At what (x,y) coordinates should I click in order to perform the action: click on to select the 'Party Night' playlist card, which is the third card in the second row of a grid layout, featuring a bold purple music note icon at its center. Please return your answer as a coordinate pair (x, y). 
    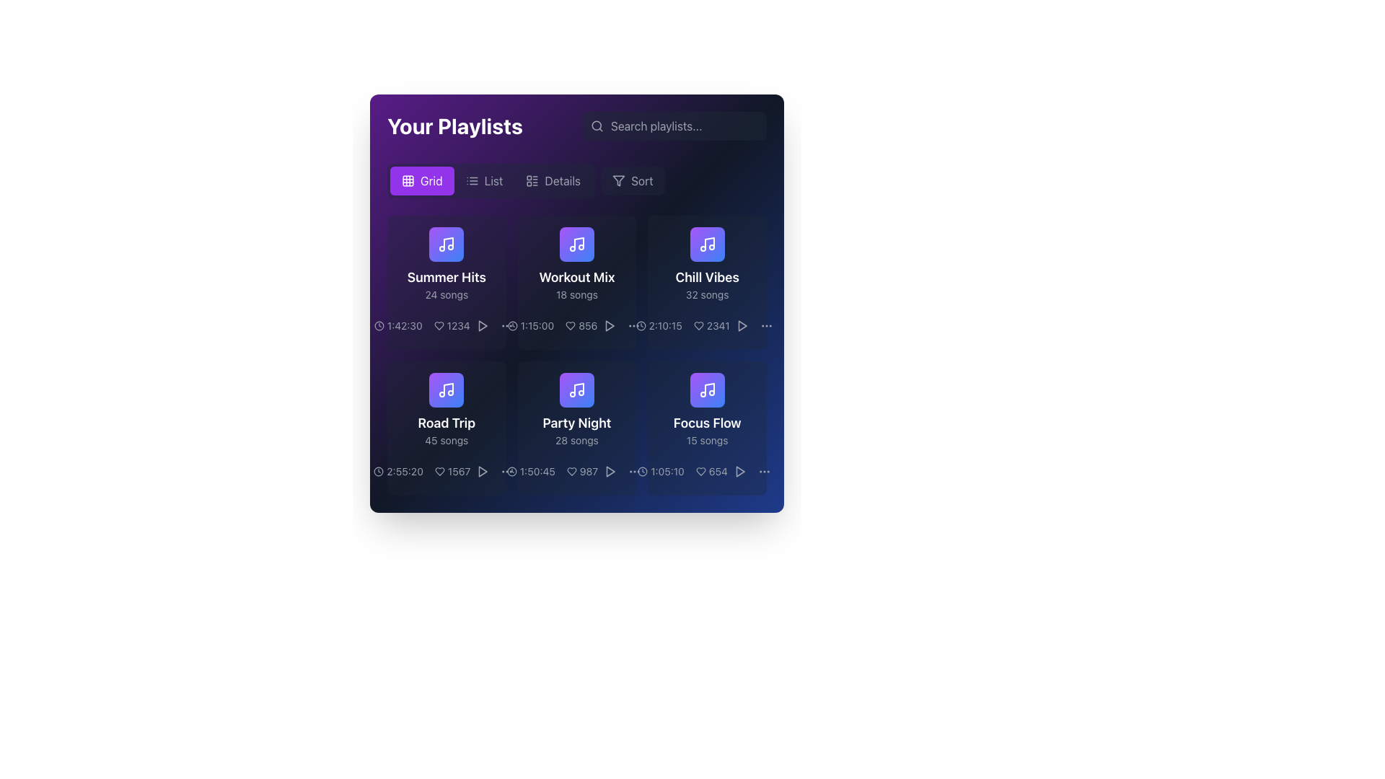
    Looking at the image, I should click on (577, 428).